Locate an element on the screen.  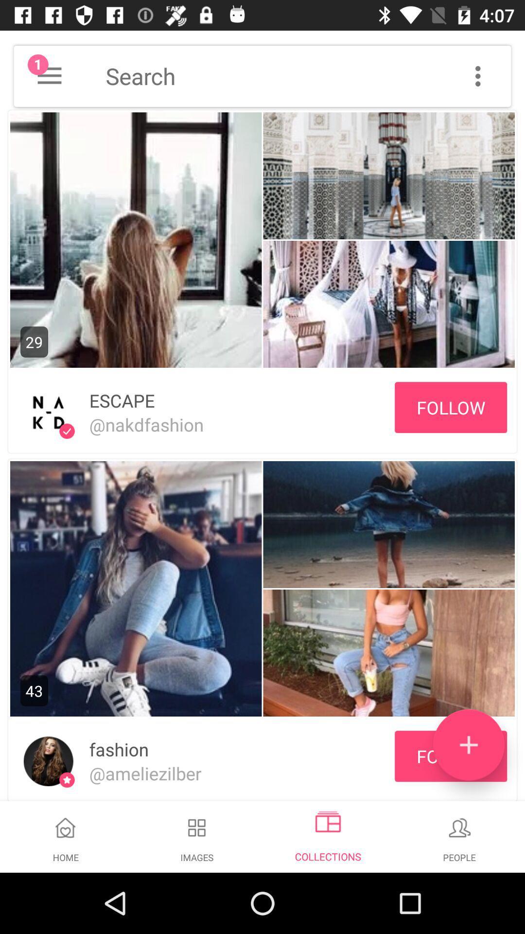
menu button is located at coordinates (477, 75).